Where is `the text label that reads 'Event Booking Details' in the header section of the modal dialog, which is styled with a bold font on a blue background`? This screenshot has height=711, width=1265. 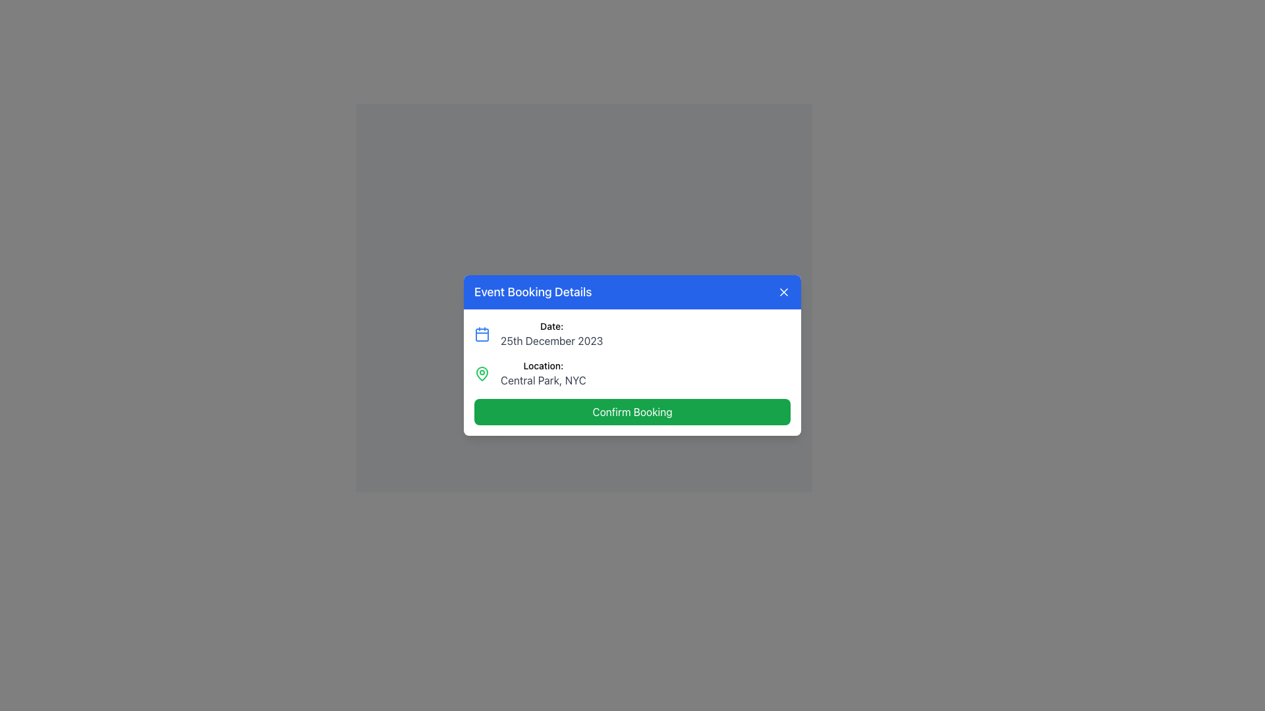 the text label that reads 'Event Booking Details' in the header section of the modal dialog, which is styled with a bold font on a blue background is located at coordinates (533, 291).